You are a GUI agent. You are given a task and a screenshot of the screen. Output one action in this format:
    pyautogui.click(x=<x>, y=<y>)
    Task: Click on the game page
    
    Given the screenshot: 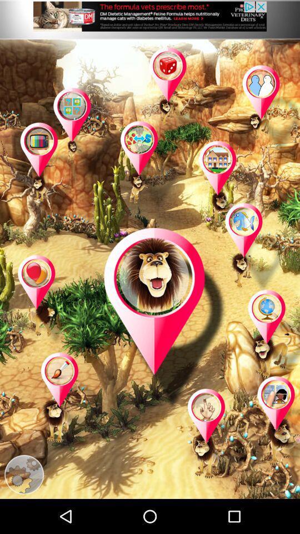 What is the action you would take?
    pyautogui.click(x=150, y=166)
    